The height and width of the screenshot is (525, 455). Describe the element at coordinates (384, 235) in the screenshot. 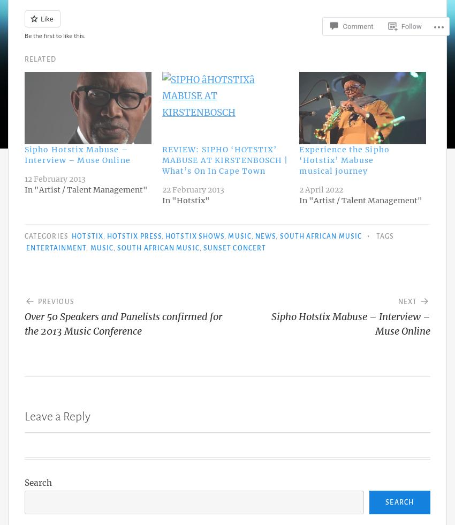

I see `'Tags'` at that location.